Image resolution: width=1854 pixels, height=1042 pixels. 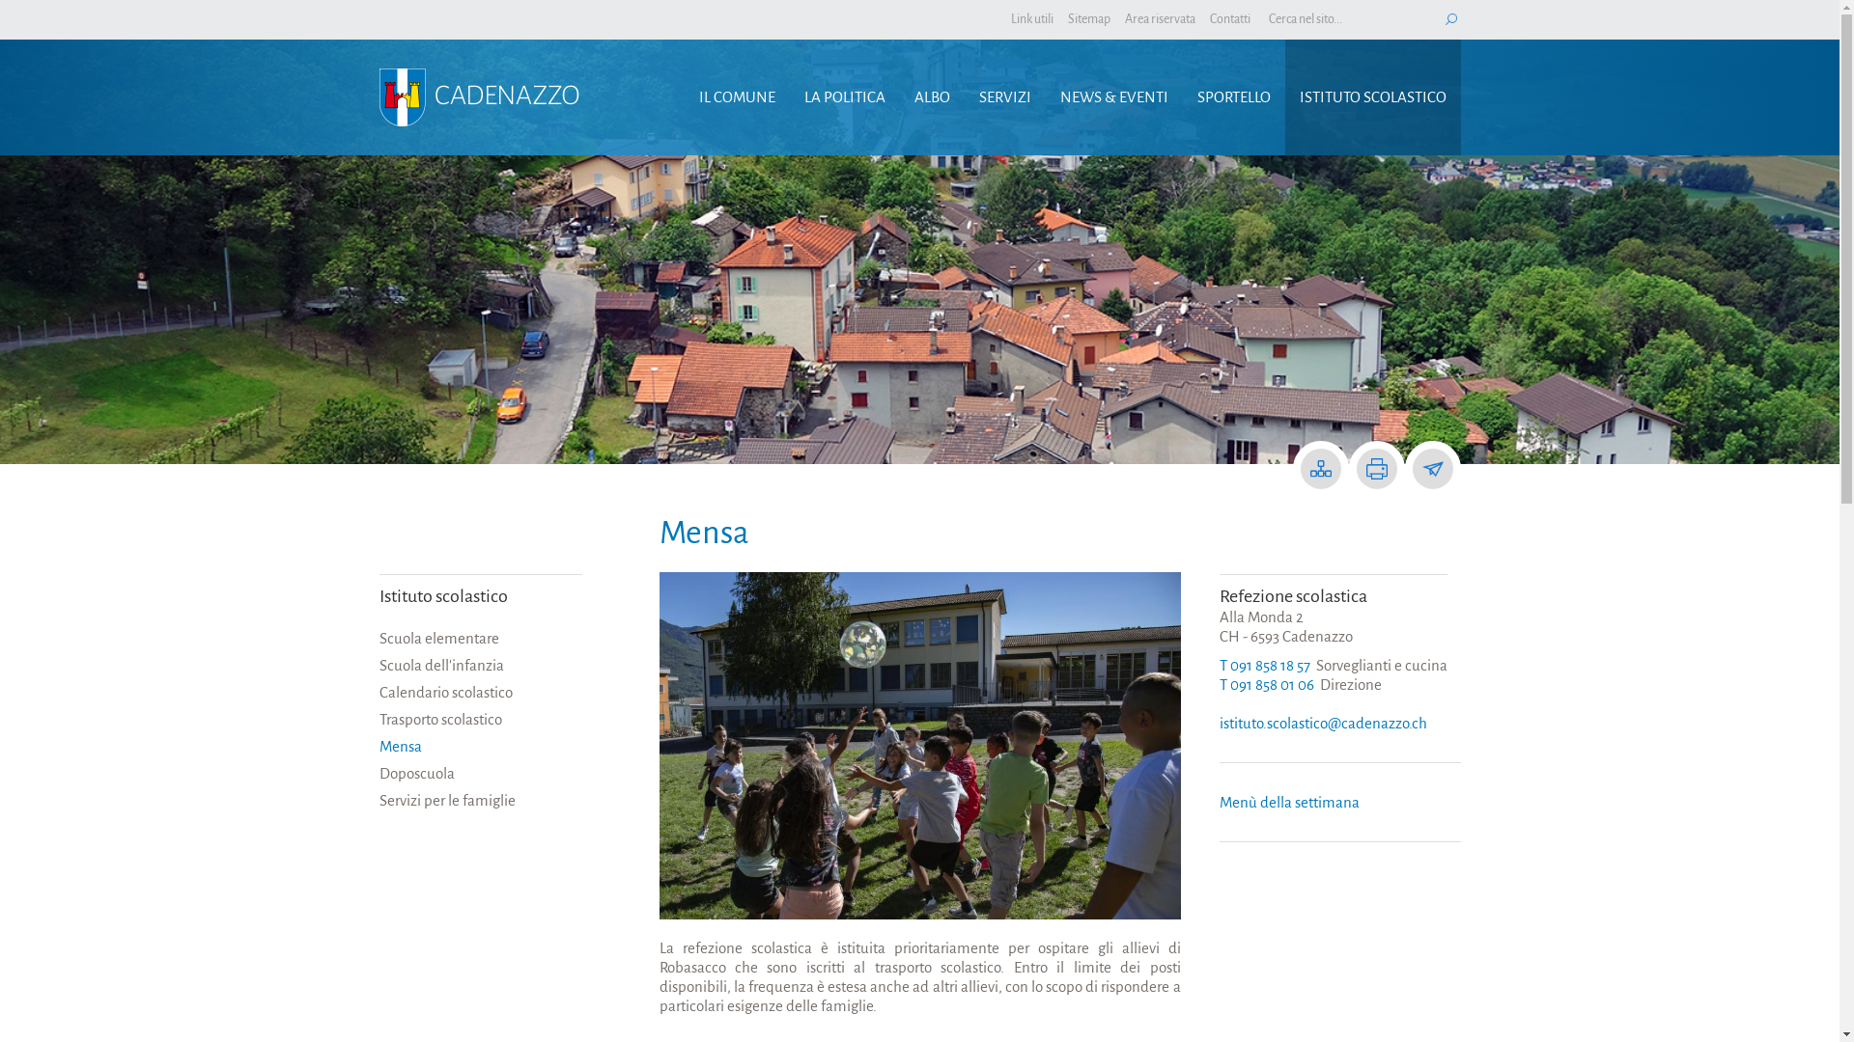 I want to click on 'Scrivici', so click(x=1432, y=469).